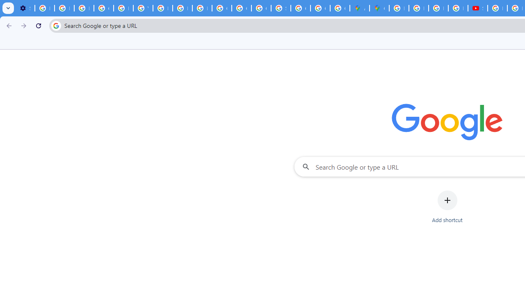 This screenshot has height=295, width=525. What do you see at coordinates (477, 8) in the screenshot?
I see `'Subscriptions - YouTube'` at bounding box center [477, 8].